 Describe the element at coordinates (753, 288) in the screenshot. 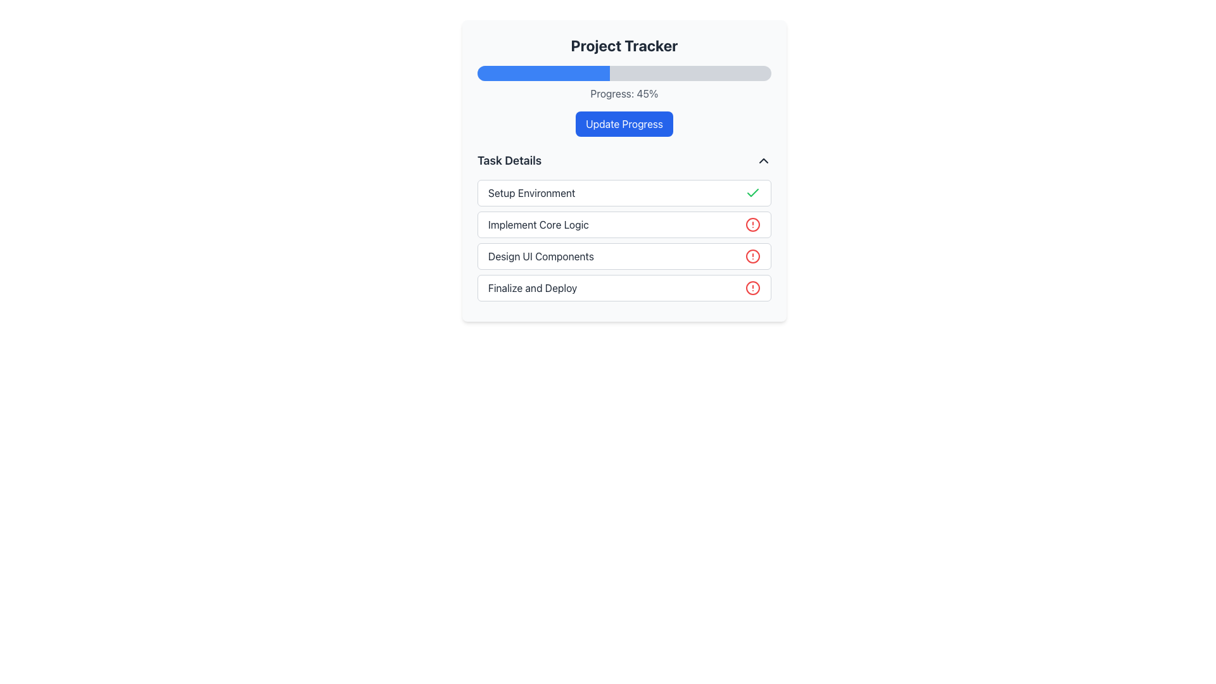

I see `the circular part of the alert icon indicating an incomplete task in the 'Finalize and Deploy' section` at that location.